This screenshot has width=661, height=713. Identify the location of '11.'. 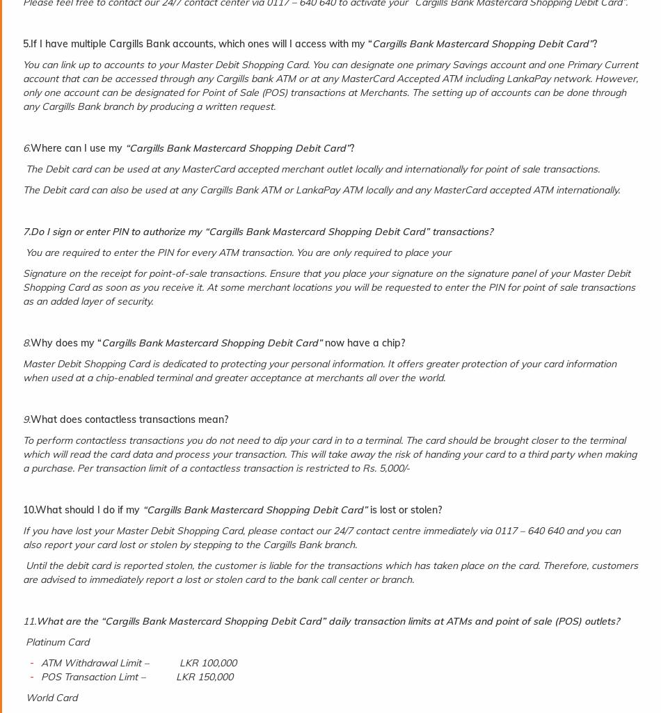
(22, 620).